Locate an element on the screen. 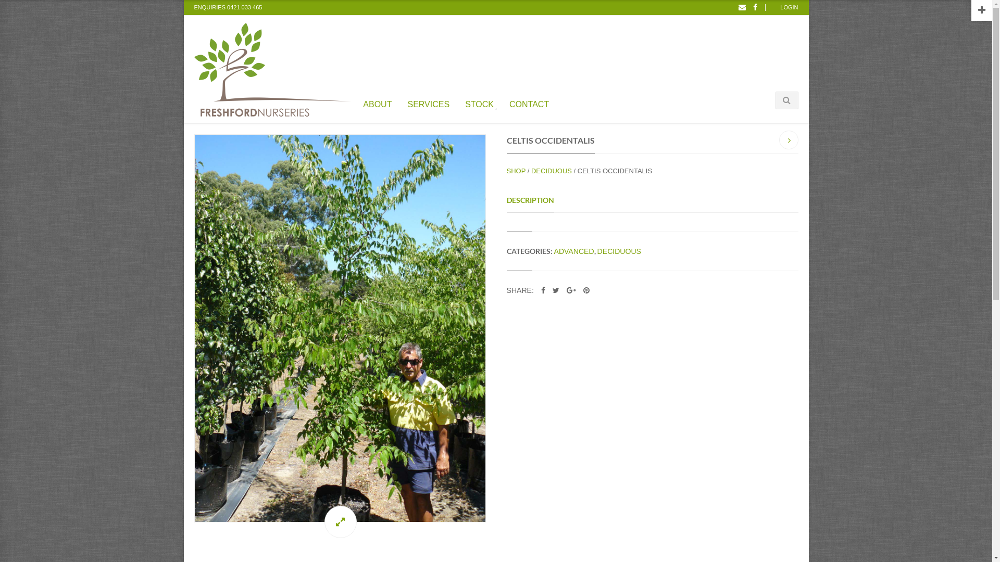  'ABOUT' is located at coordinates (377, 102).